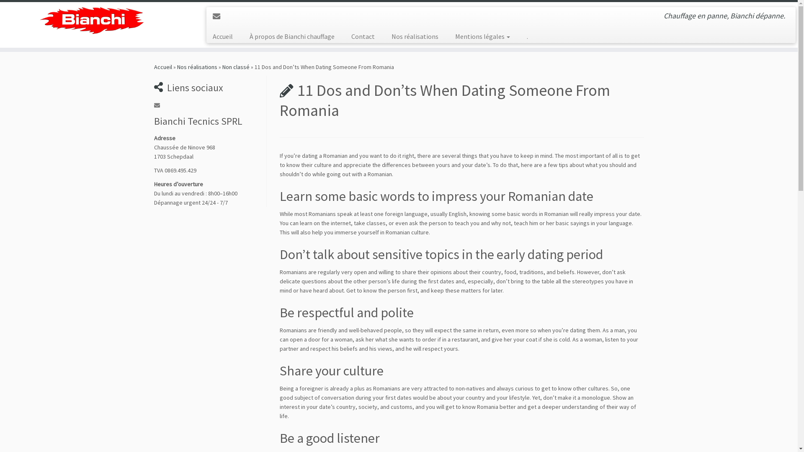 Image resolution: width=804 pixels, height=452 pixels. I want to click on 'E-mail', so click(219, 16).